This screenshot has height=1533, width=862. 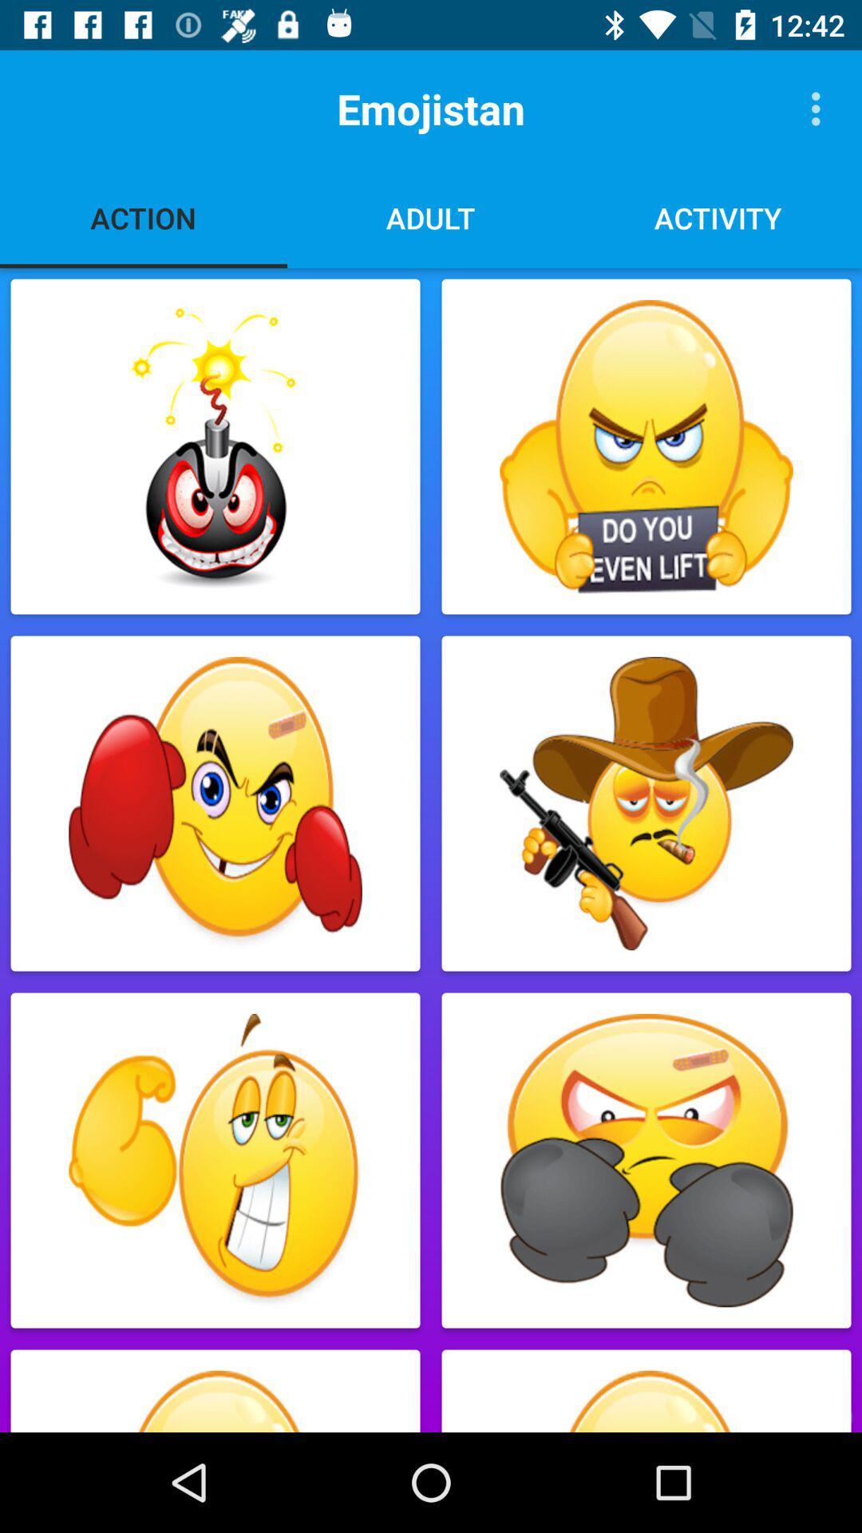 What do you see at coordinates (215, 446) in the screenshot?
I see `the emoji 1st below action` at bounding box center [215, 446].